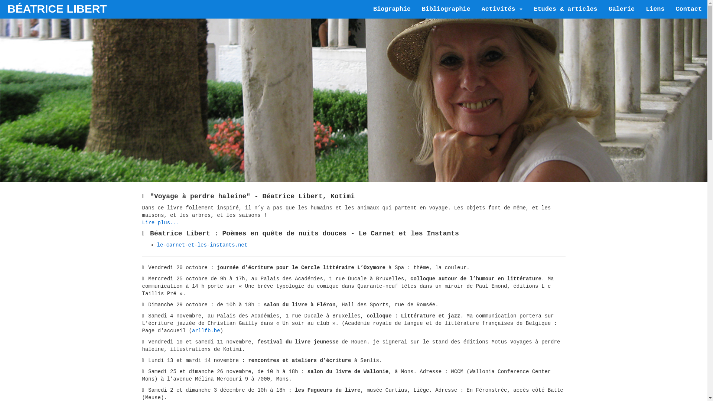 This screenshot has width=713, height=401. Describe the element at coordinates (206, 330) in the screenshot. I see `'arllfb.be'` at that location.